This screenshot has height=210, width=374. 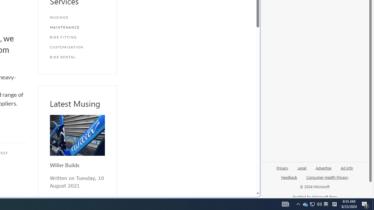 What do you see at coordinates (289, 179) in the screenshot?
I see `'Feedback'` at bounding box center [289, 179].